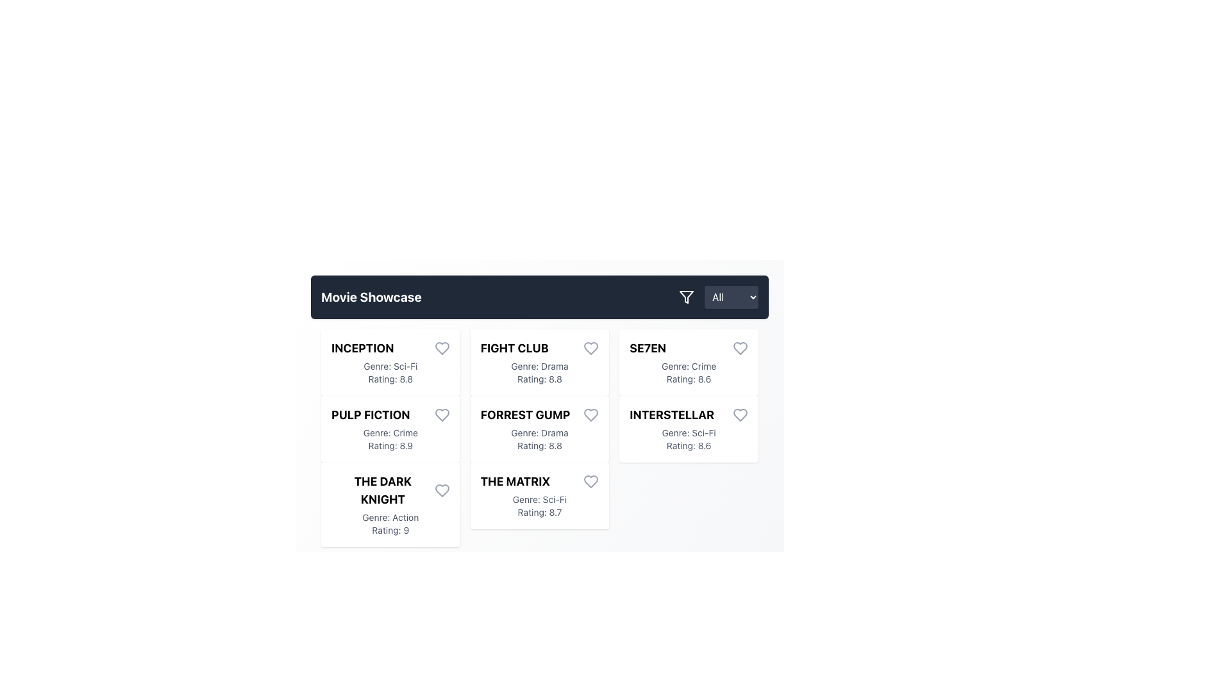  What do you see at coordinates (539, 348) in the screenshot?
I see `the movie title label located in the second column, first row of the movie cards under the 'Movie Showcase' section` at bounding box center [539, 348].